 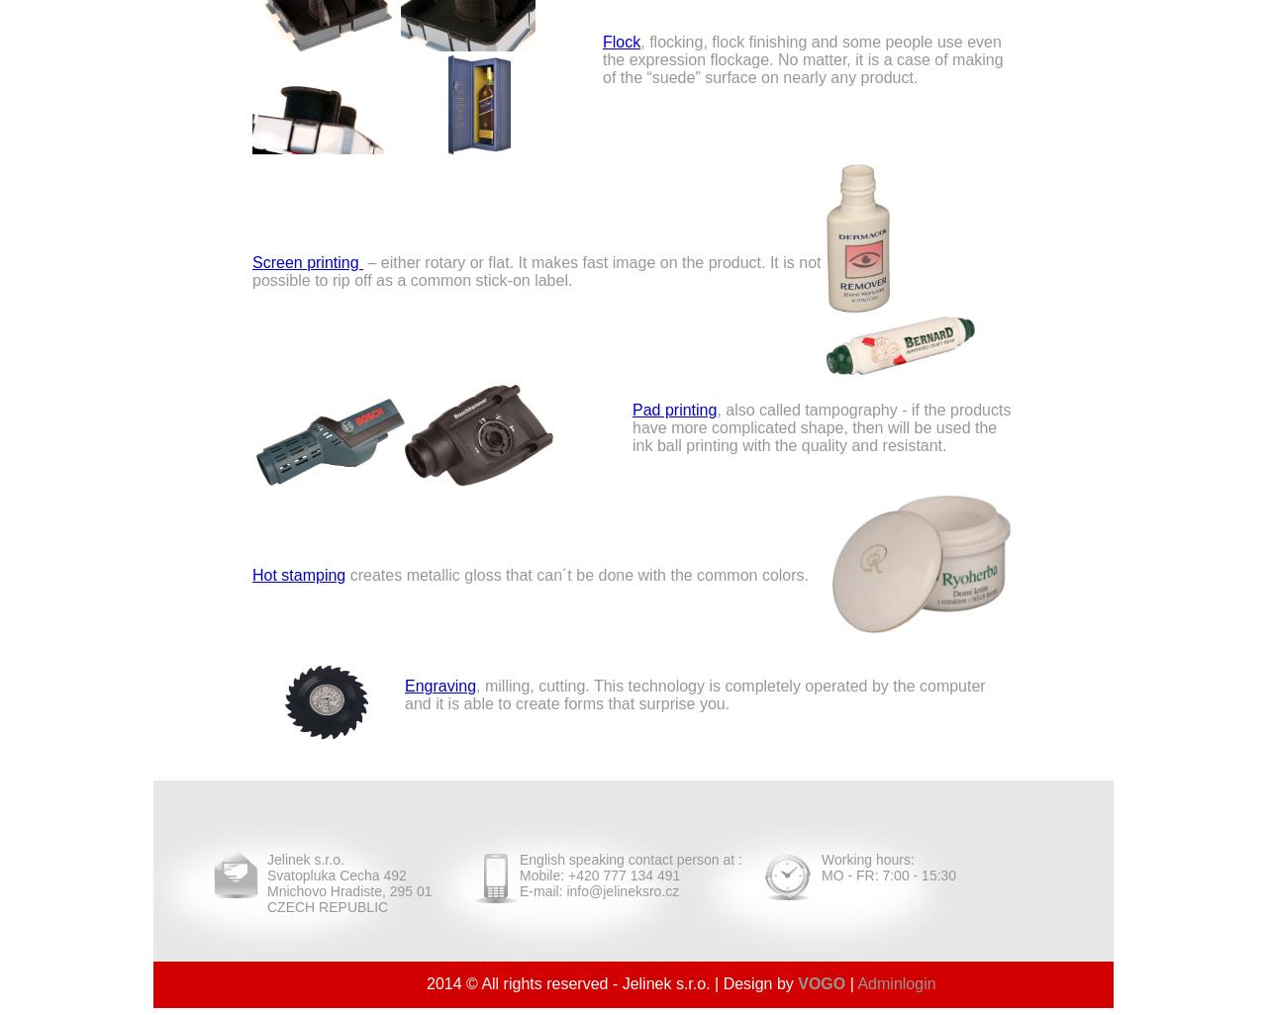 I want to click on '|', so click(x=851, y=982).